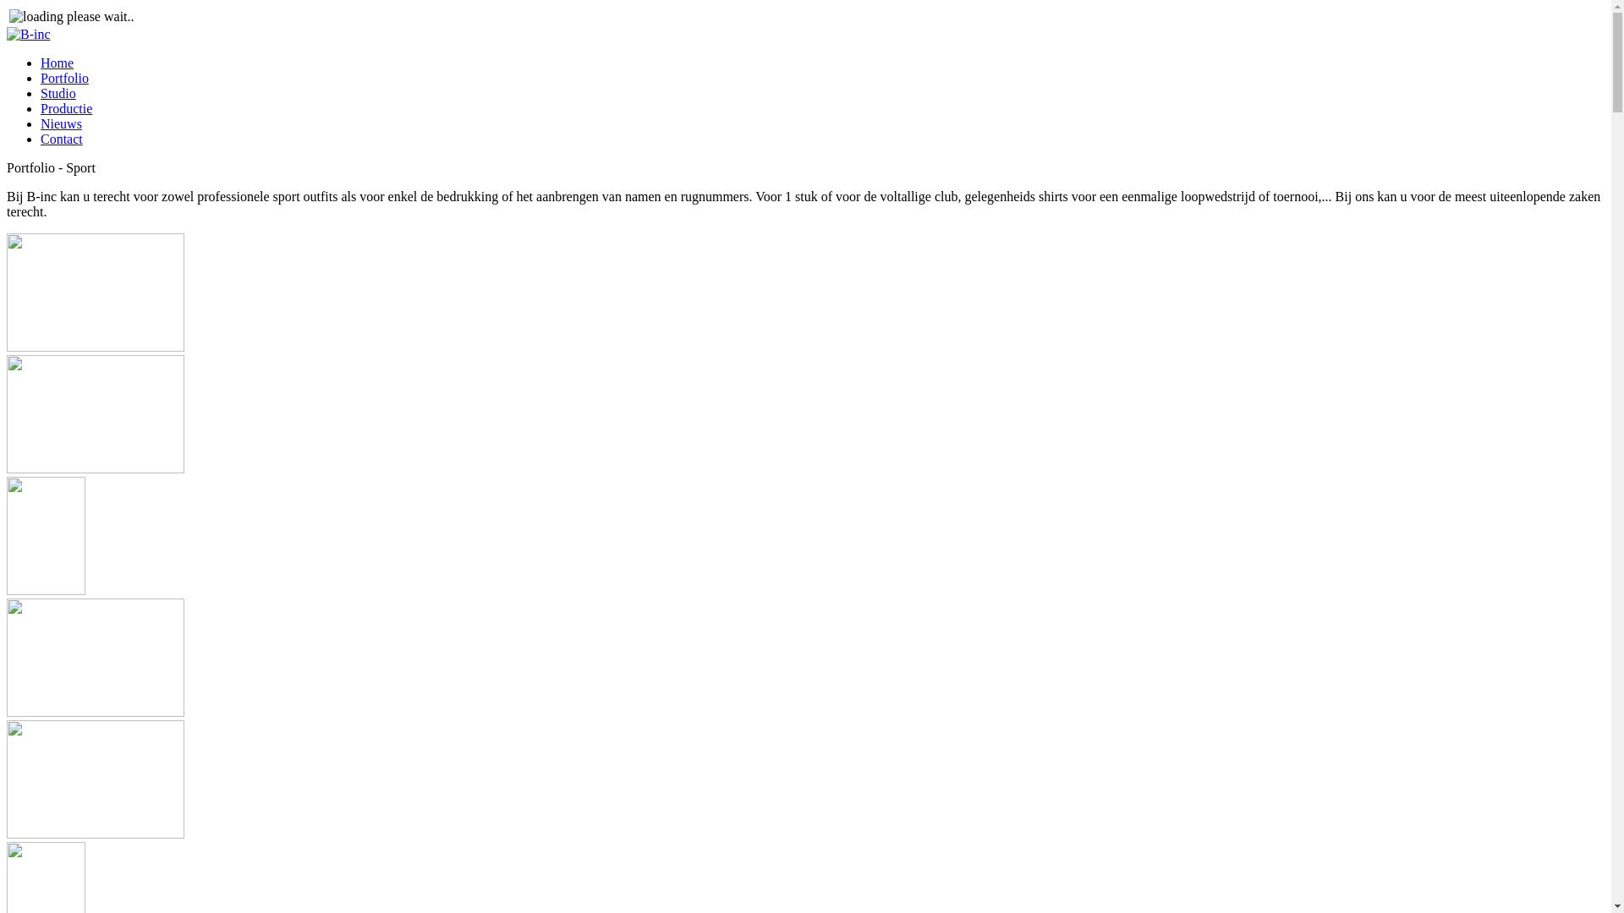 This screenshot has height=913, width=1624. What do you see at coordinates (7, 35) in the screenshot?
I see `'B-inc'` at bounding box center [7, 35].